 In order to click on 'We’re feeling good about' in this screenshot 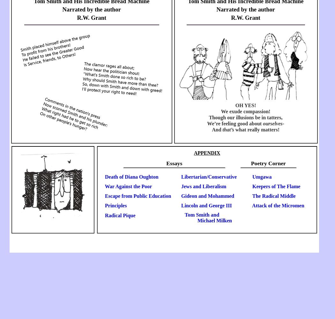, I will do `click(234, 123)`.